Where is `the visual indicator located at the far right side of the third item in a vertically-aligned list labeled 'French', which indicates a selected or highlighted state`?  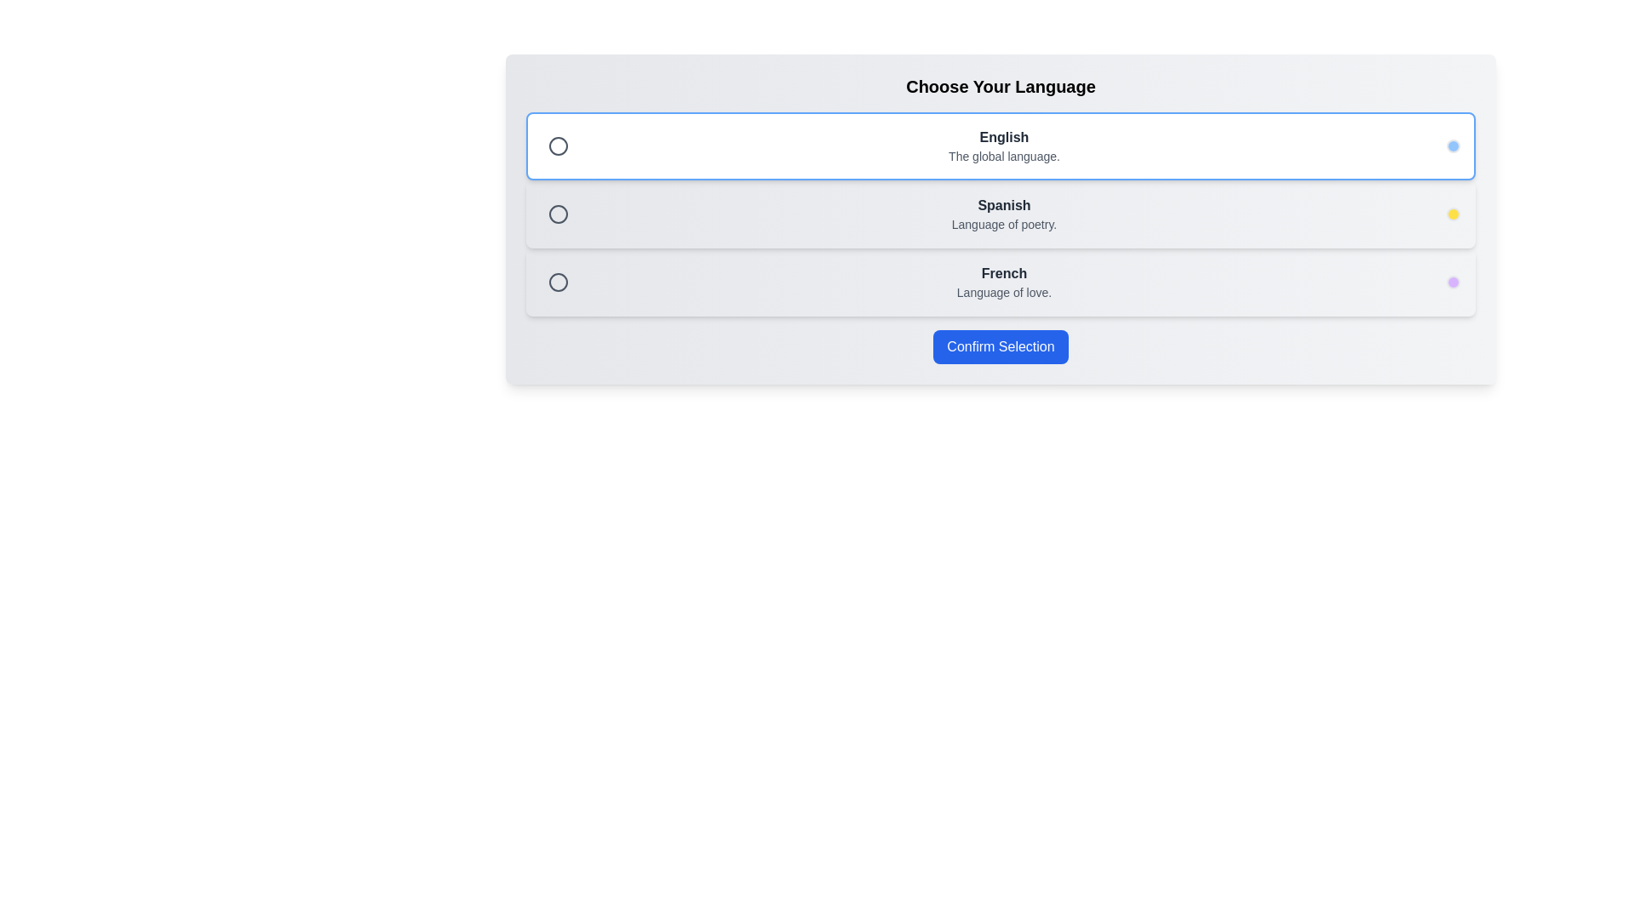
the visual indicator located at the far right side of the third item in a vertically-aligned list labeled 'French', which indicates a selected or highlighted state is located at coordinates (1453, 281).